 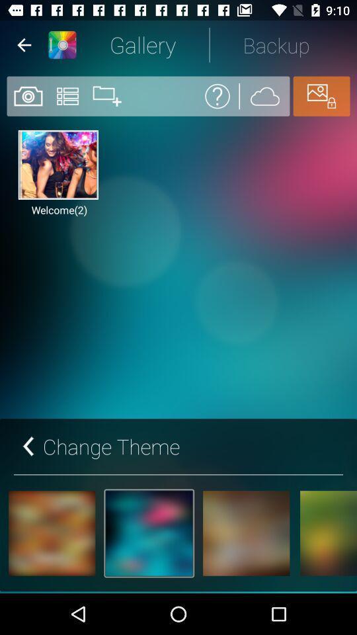 I want to click on the weather icon, so click(x=264, y=95).